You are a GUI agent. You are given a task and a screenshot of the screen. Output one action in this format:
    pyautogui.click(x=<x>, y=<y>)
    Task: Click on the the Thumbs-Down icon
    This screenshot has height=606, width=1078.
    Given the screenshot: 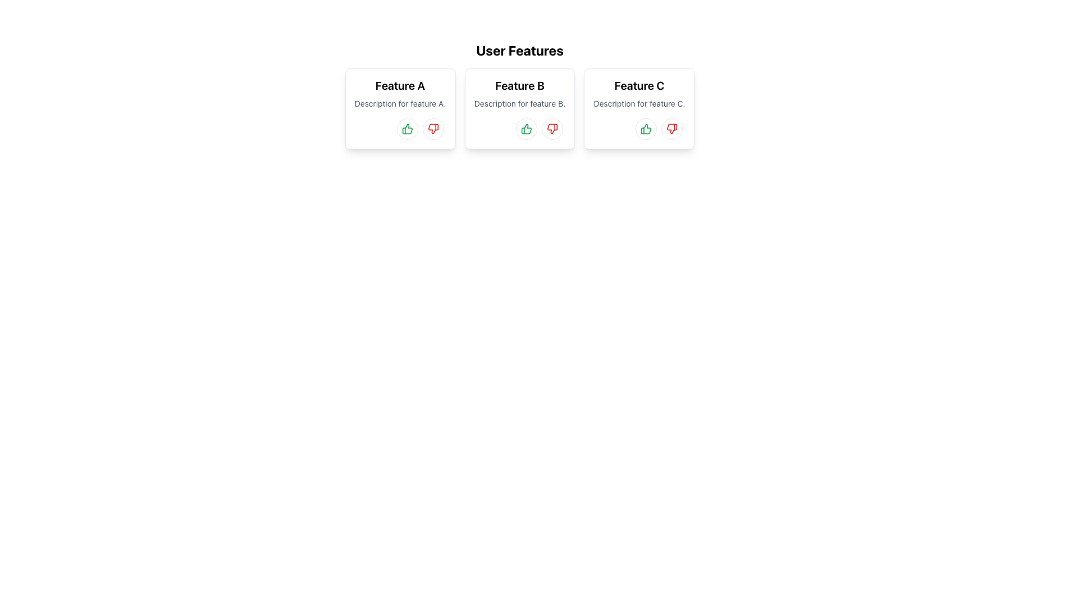 What is the action you would take?
    pyautogui.click(x=432, y=128)
    